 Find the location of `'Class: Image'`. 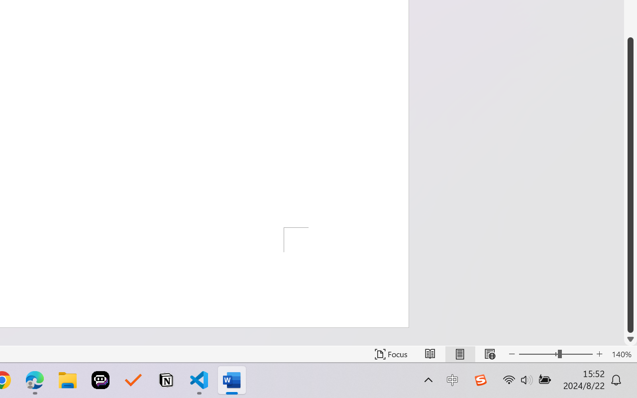

'Class: Image' is located at coordinates (480, 380).